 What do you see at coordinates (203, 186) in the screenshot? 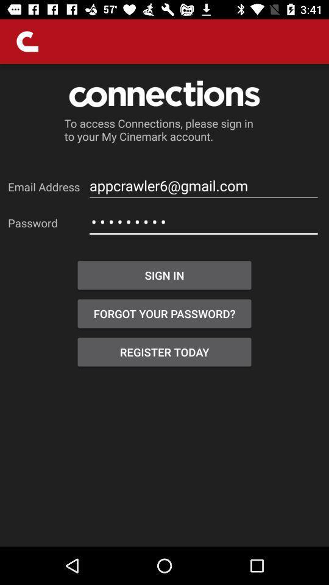
I see `the appcrawler6@gmail.com` at bounding box center [203, 186].